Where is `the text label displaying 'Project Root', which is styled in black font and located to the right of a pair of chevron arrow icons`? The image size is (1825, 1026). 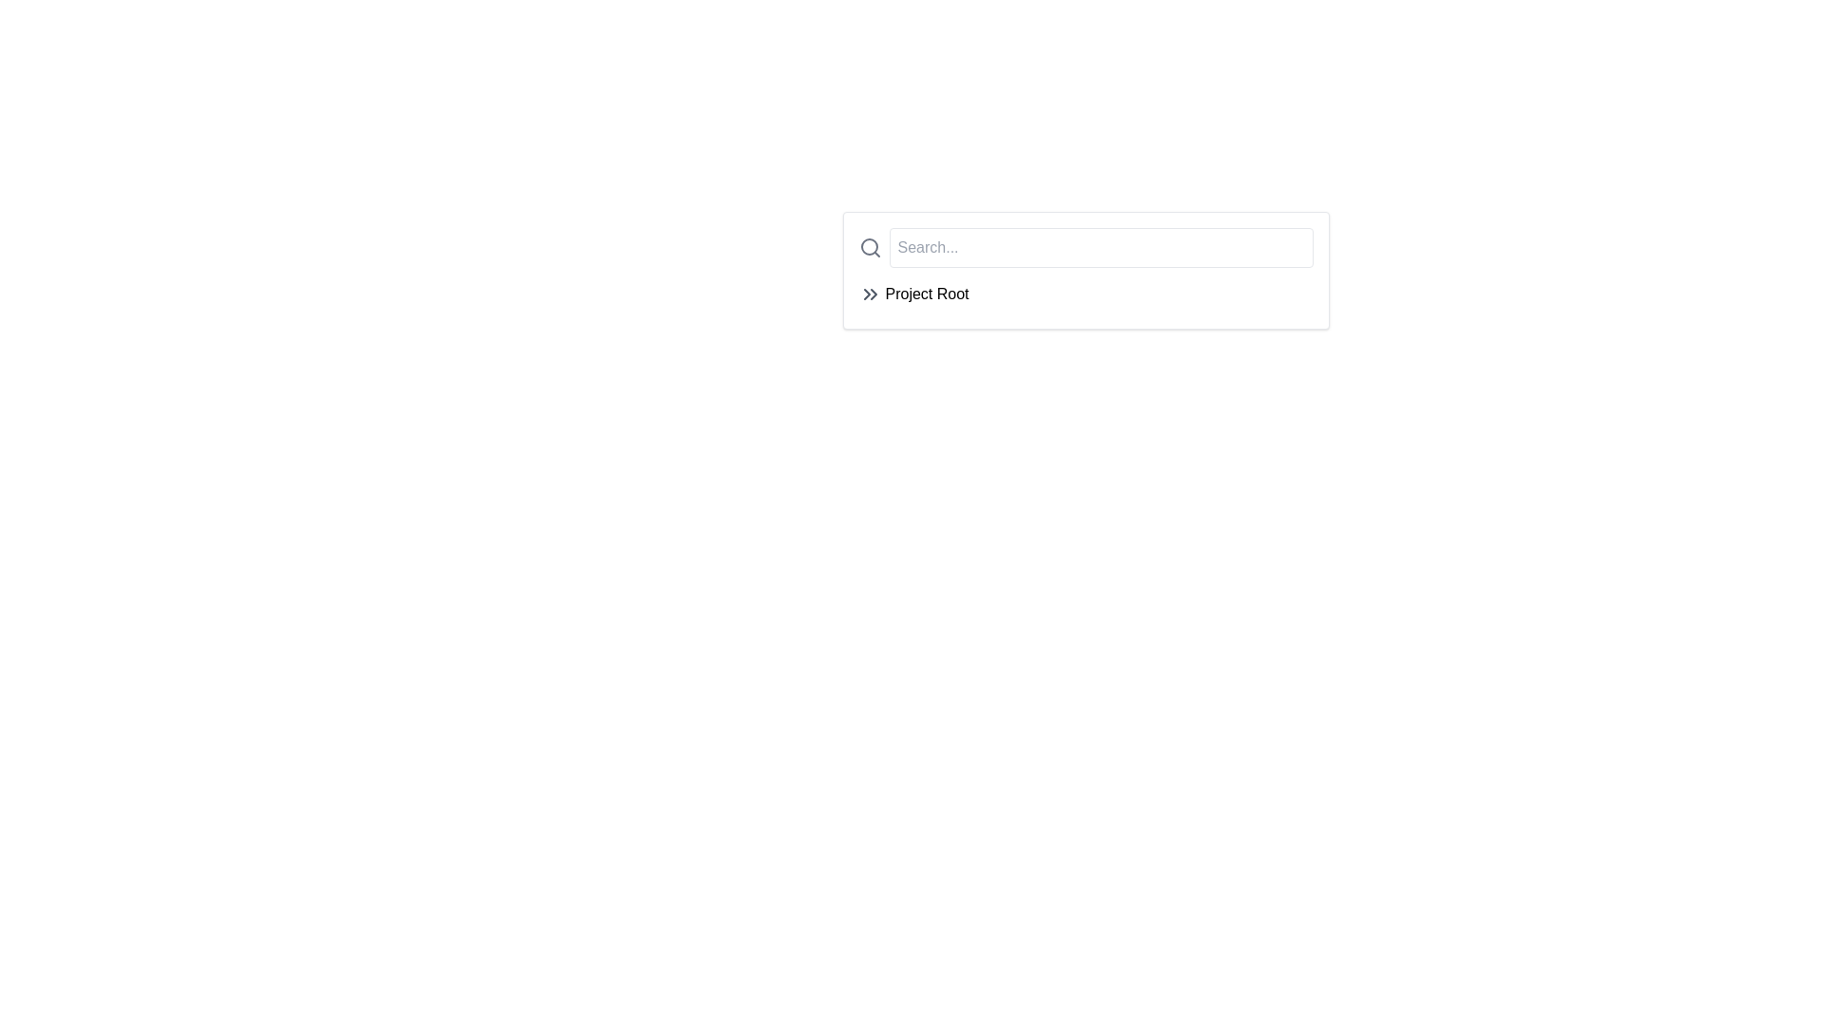
the text label displaying 'Project Root', which is styled in black font and located to the right of a pair of chevron arrow icons is located at coordinates (927, 294).